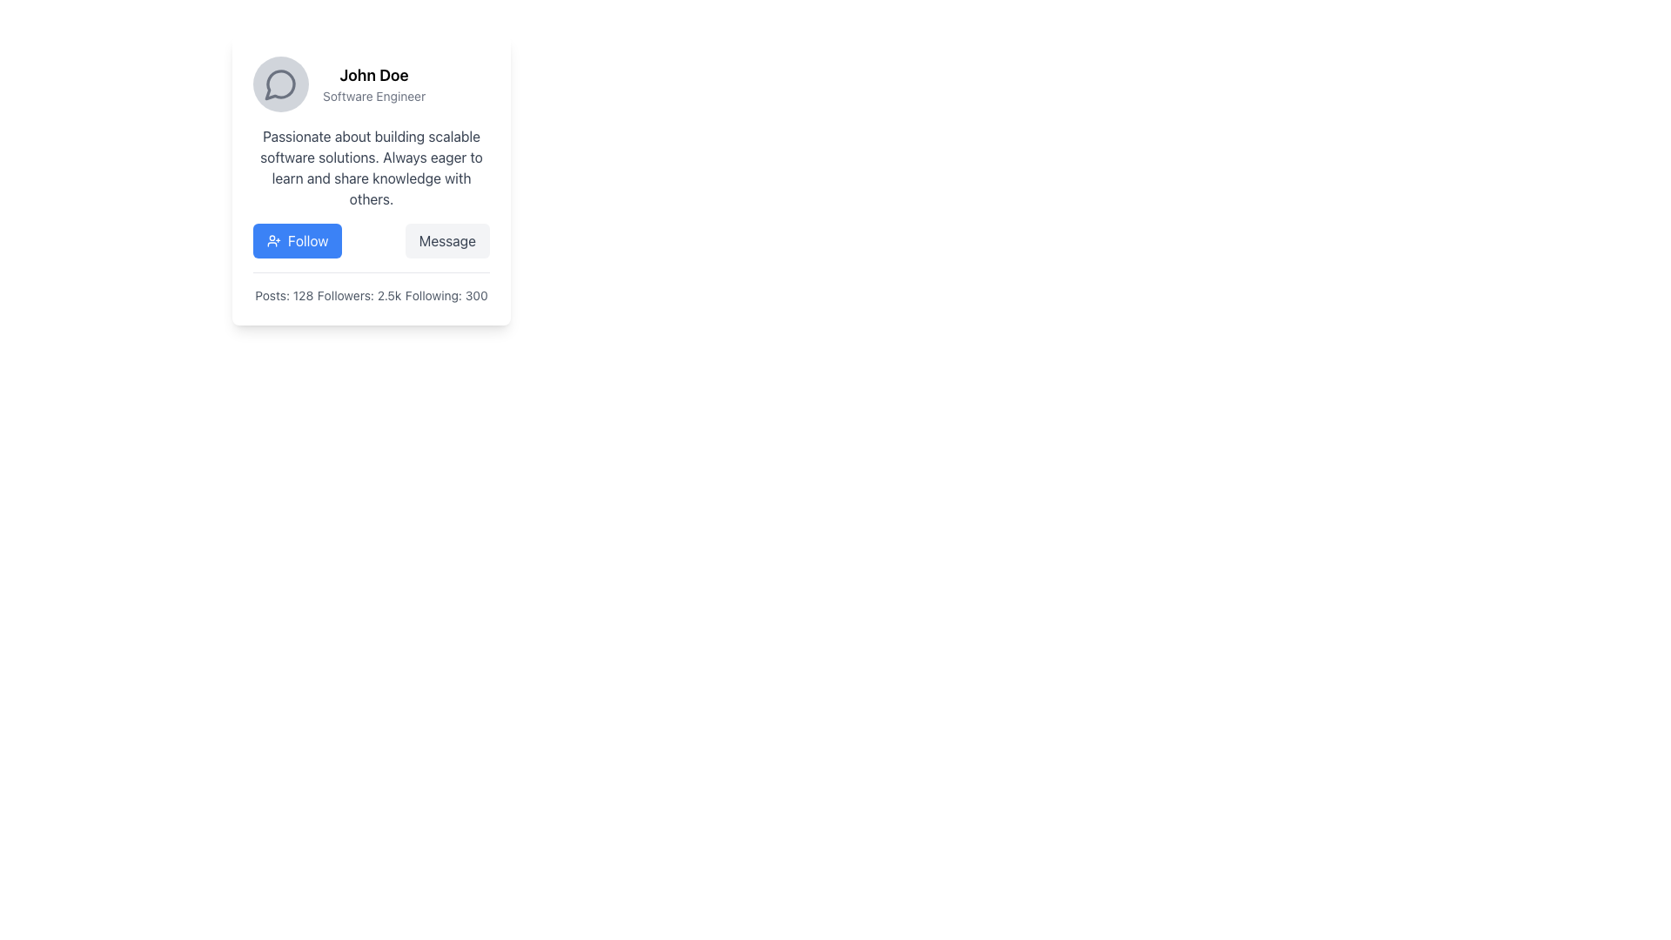  What do you see at coordinates (447, 241) in the screenshot?
I see `the message sending button located to the right of the 'Follow' button` at bounding box center [447, 241].